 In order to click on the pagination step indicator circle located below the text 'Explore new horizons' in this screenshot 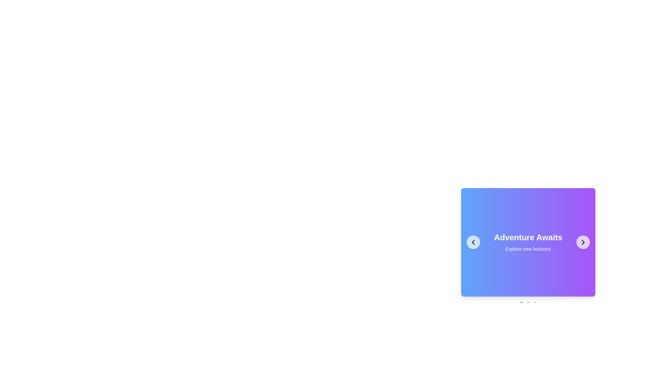, I will do `click(528, 304)`.